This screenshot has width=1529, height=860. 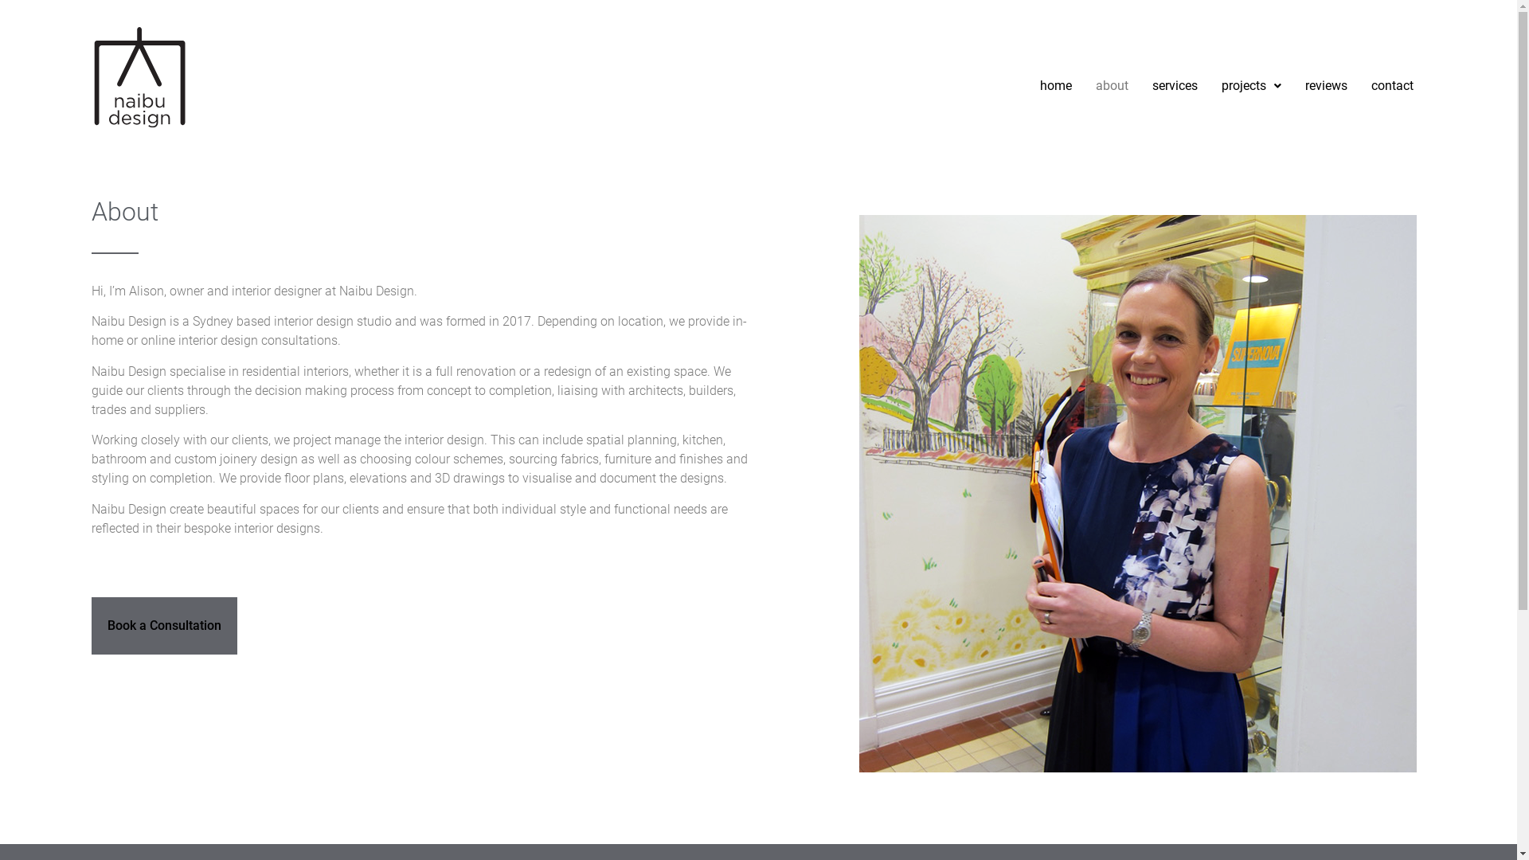 What do you see at coordinates (1326, 86) in the screenshot?
I see `'reviews'` at bounding box center [1326, 86].